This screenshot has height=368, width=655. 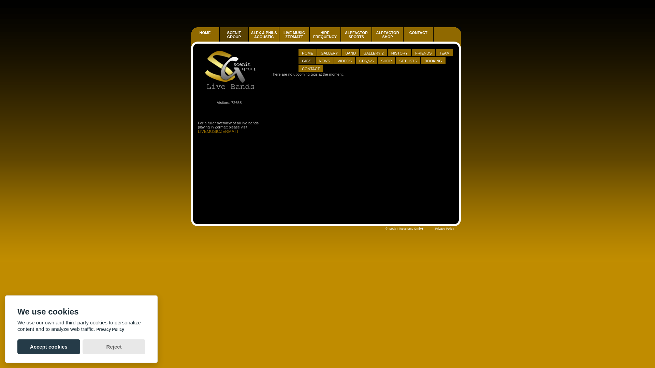 What do you see at coordinates (373, 52) in the screenshot?
I see `'GALLERY 2'` at bounding box center [373, 52].